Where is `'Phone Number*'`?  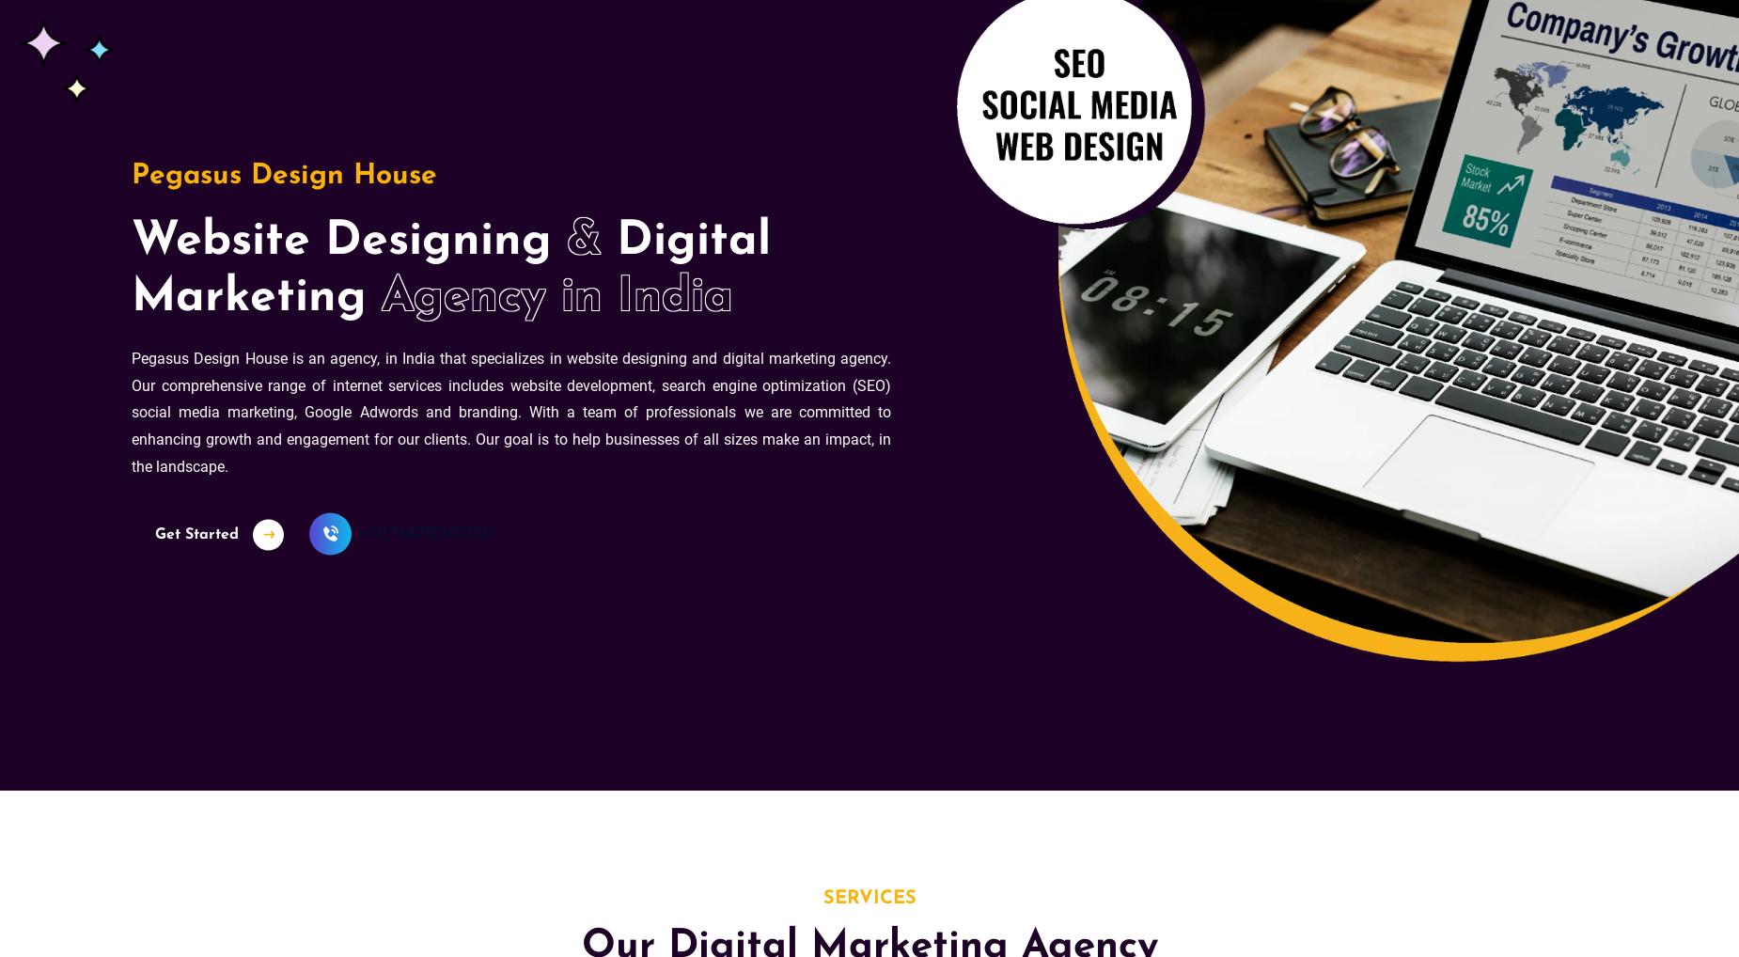
'Phone Number*' is located at coordinates (1172, 898).